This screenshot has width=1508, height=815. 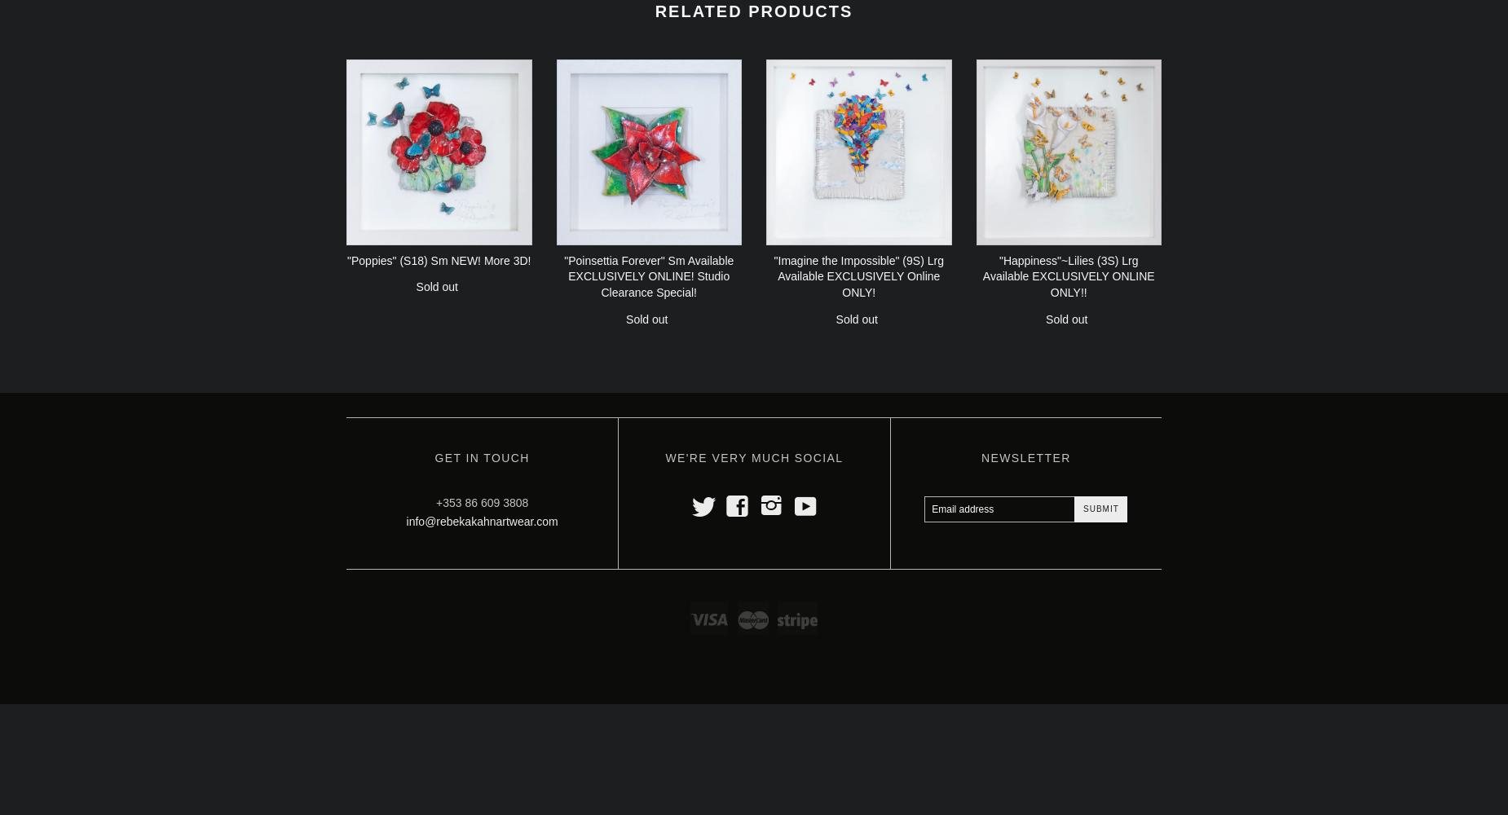 What do you see at coordinates (482, 501) in the screenshot?
I see `'+353 86 609 3808'` at bounding box center [482, 501].